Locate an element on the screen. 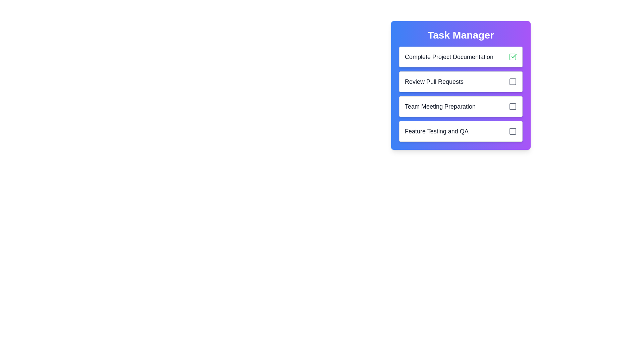  task title 'Team Meeting Preparation' from the third task item in the Task Manager interface, which includes a checkbox for marking completion is located at coordinates (460, 106).